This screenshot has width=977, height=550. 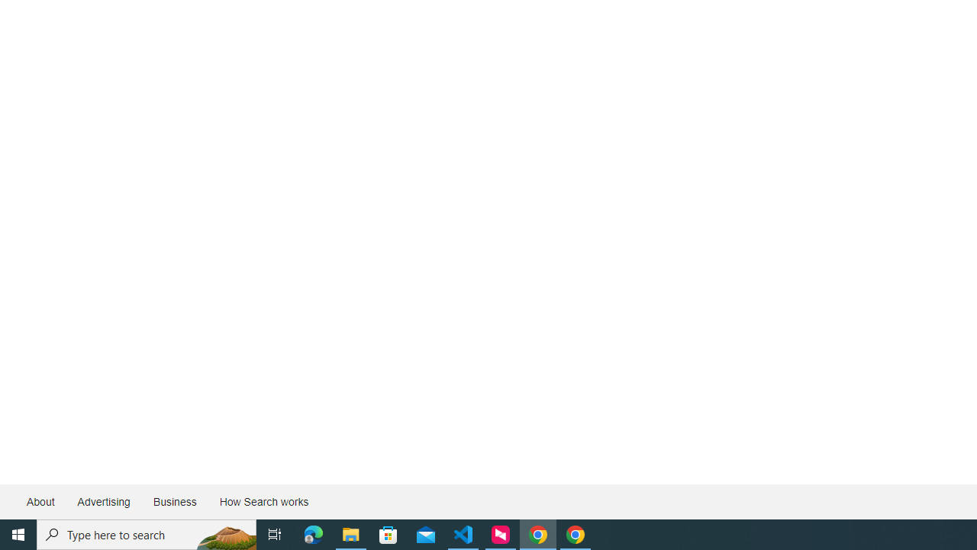 What do you see at coordinates (102, 502) in the screenshot?
I see `'Advertising'` at bounding box center [102, 502].